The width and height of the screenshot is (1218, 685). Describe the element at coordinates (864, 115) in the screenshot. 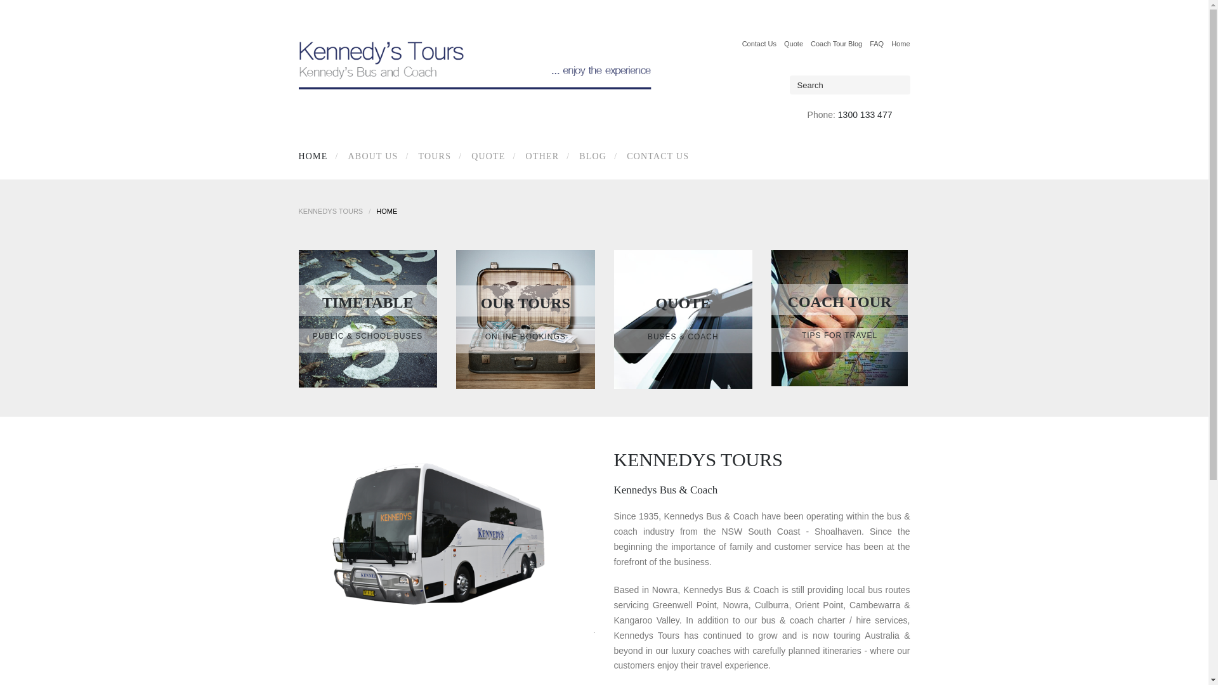

I see `'1300 133 477'` at that location.